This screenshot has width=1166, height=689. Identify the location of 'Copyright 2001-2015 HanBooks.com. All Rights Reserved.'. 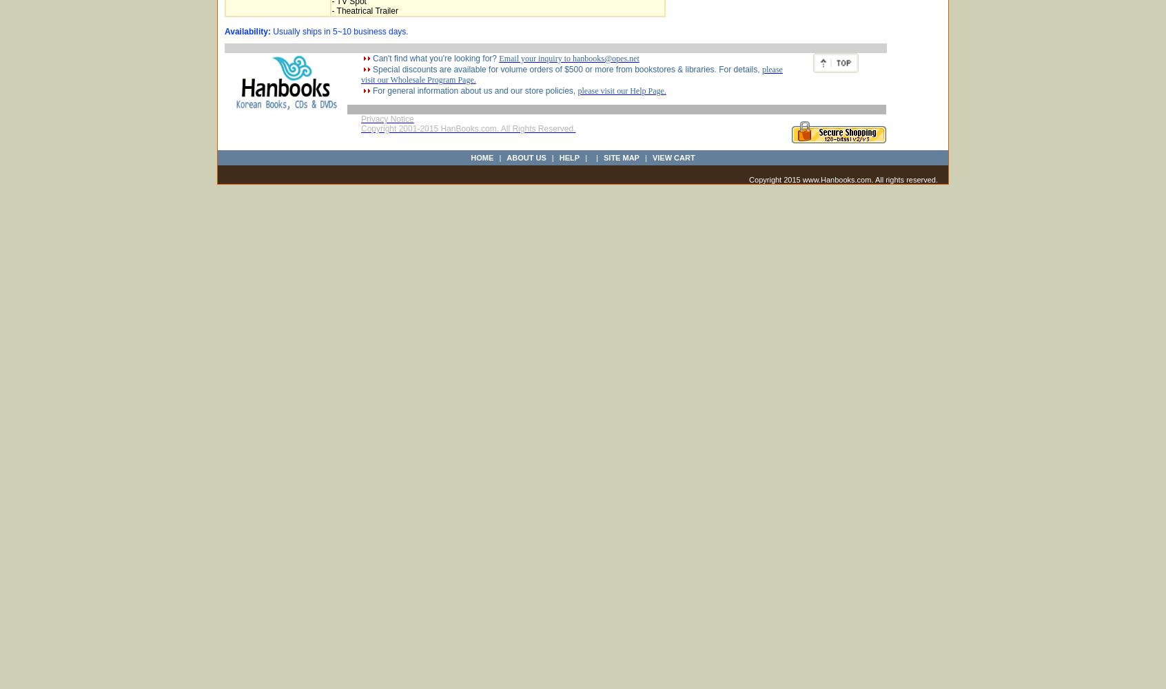
(468, 129).